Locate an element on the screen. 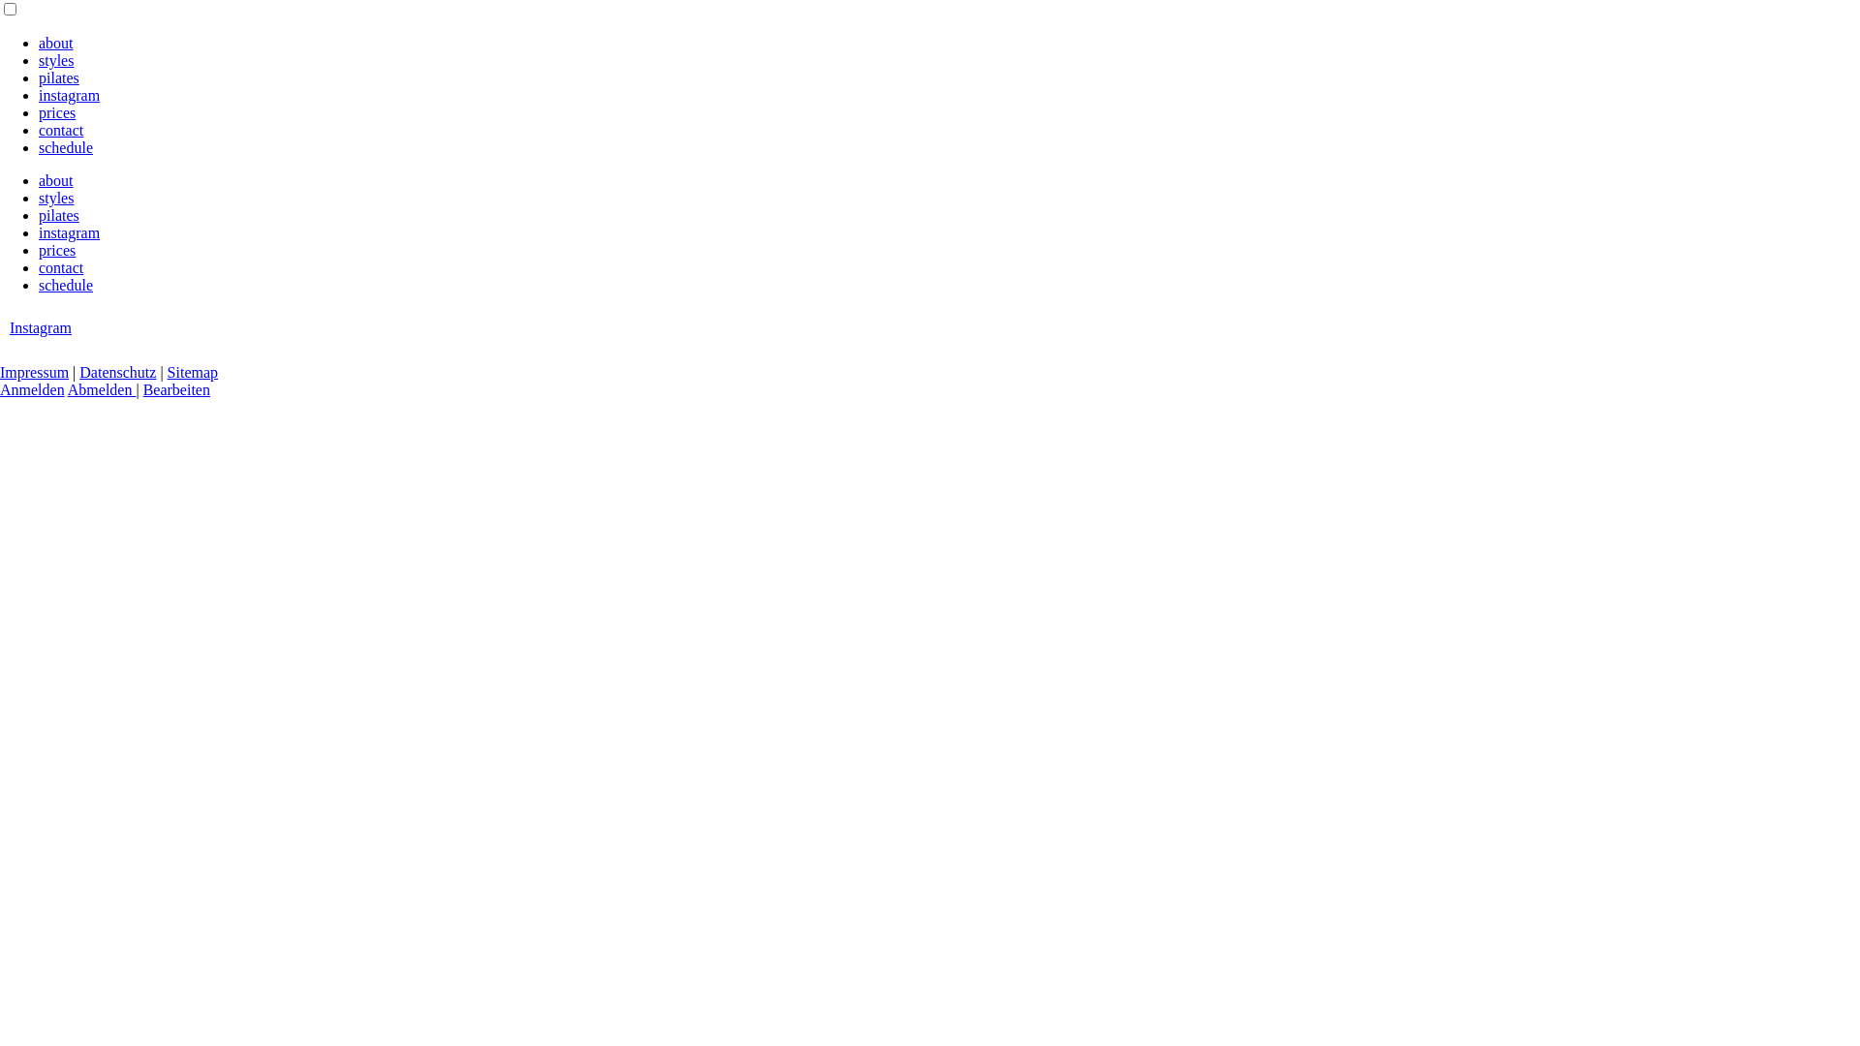 The image size is (1860, 1046). 'contact' is located at coordinates (60, 267).